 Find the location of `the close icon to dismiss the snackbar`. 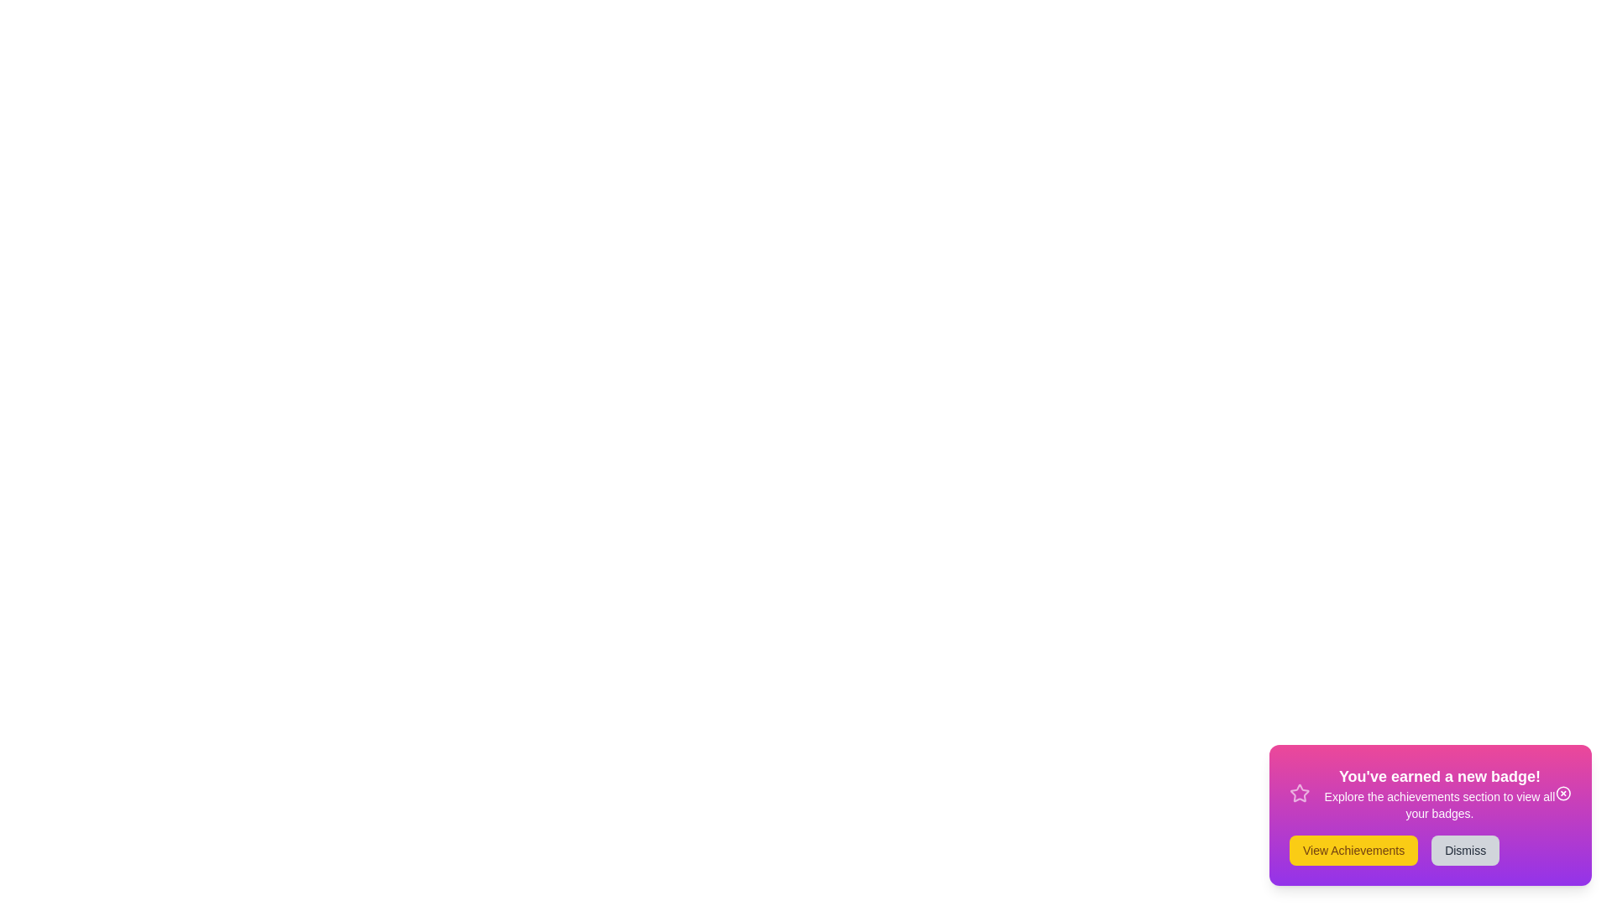

the close icon to dismiss the snackbar is located at coordinates (1562, 793).